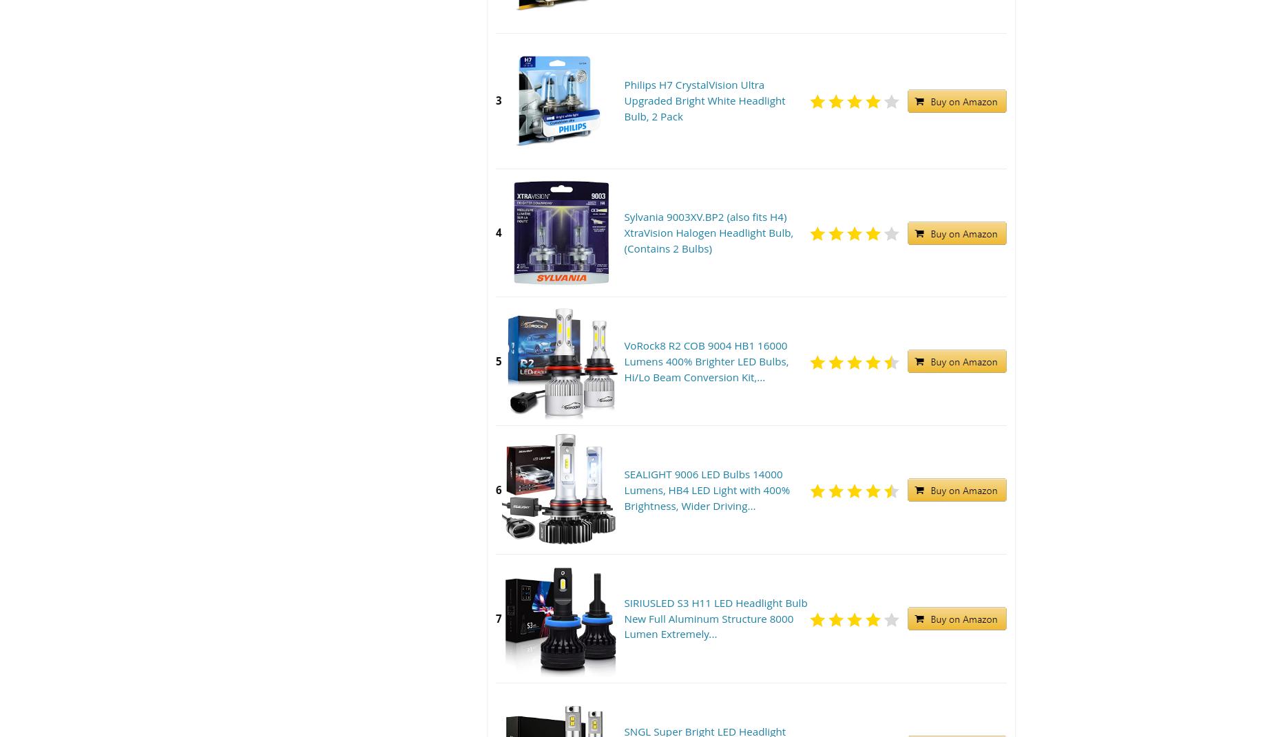 The height and width of the screenshot is (737, 1274). What do you see at coordinates (704, 100) in the screenshot?
I see `'Philips H7 CrystalVision Ultra Upgraded Bright White Headlight Bulb, 2 Pack'` at bounding box center [704, 100].